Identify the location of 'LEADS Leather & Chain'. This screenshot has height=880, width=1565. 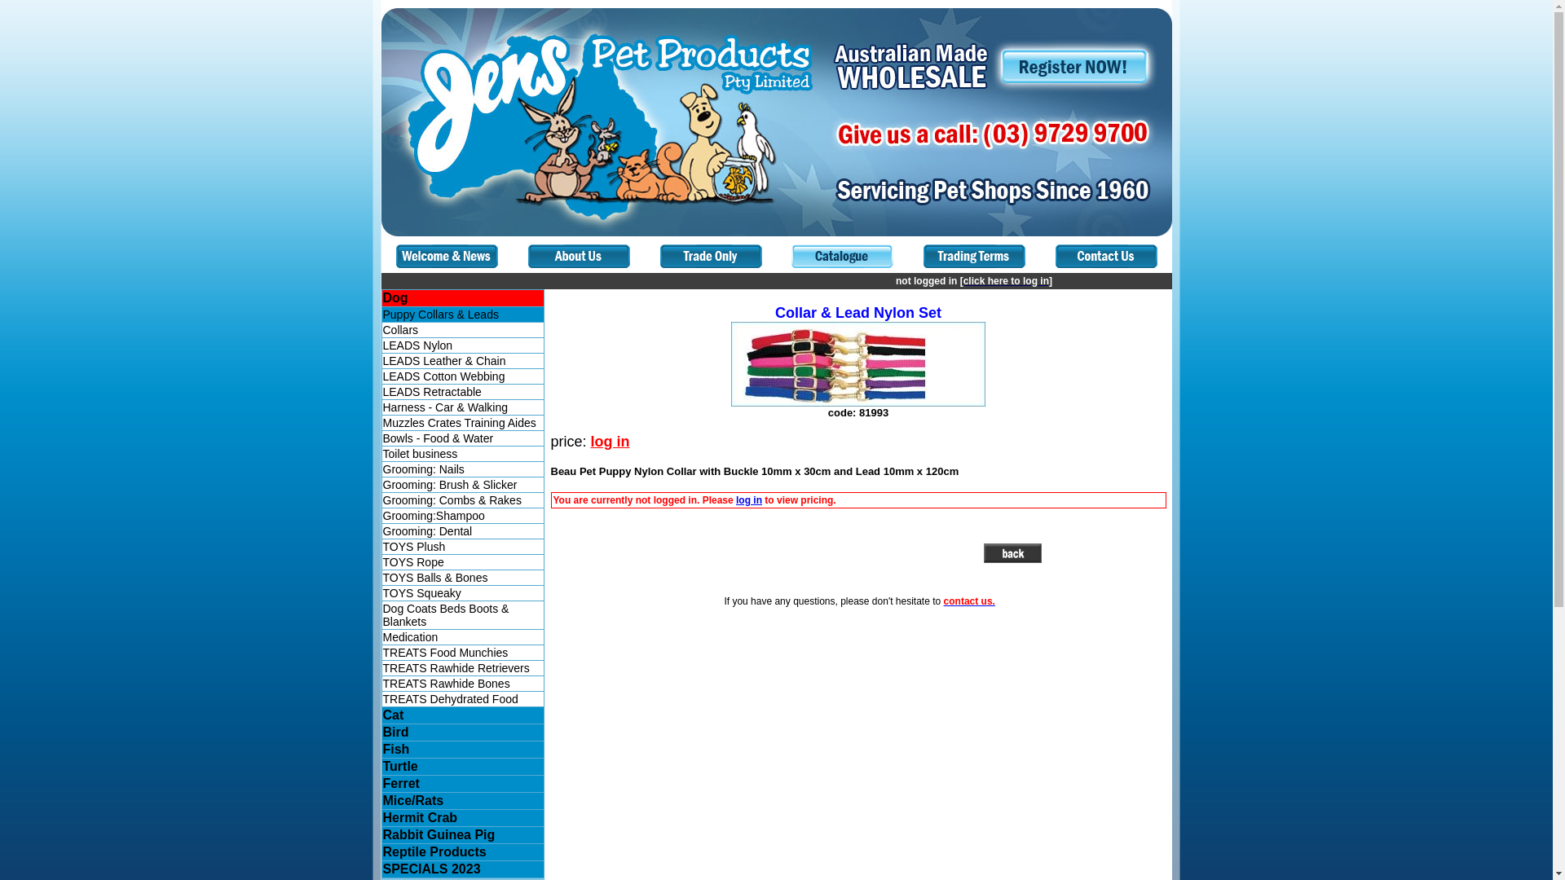
(461, 360).